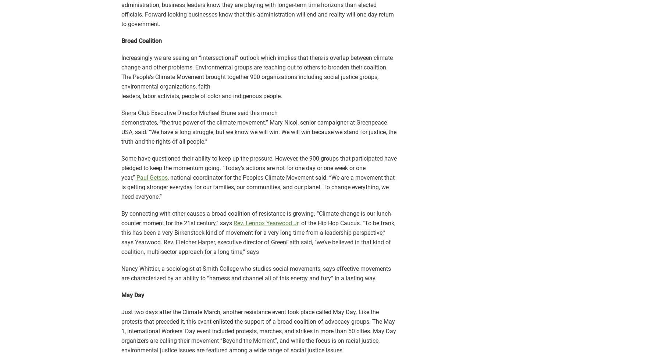 The width and height of the screenshot is (662, 363). Describe the element at coordinates (256, 273) in the screenshot. I see `'Nancy Whittier, a sociologist at Smith College who studies social movements, says effective movements are characterized by an ability to “harness and channel all of this energy and fury” in a lasting way.'` at that location.